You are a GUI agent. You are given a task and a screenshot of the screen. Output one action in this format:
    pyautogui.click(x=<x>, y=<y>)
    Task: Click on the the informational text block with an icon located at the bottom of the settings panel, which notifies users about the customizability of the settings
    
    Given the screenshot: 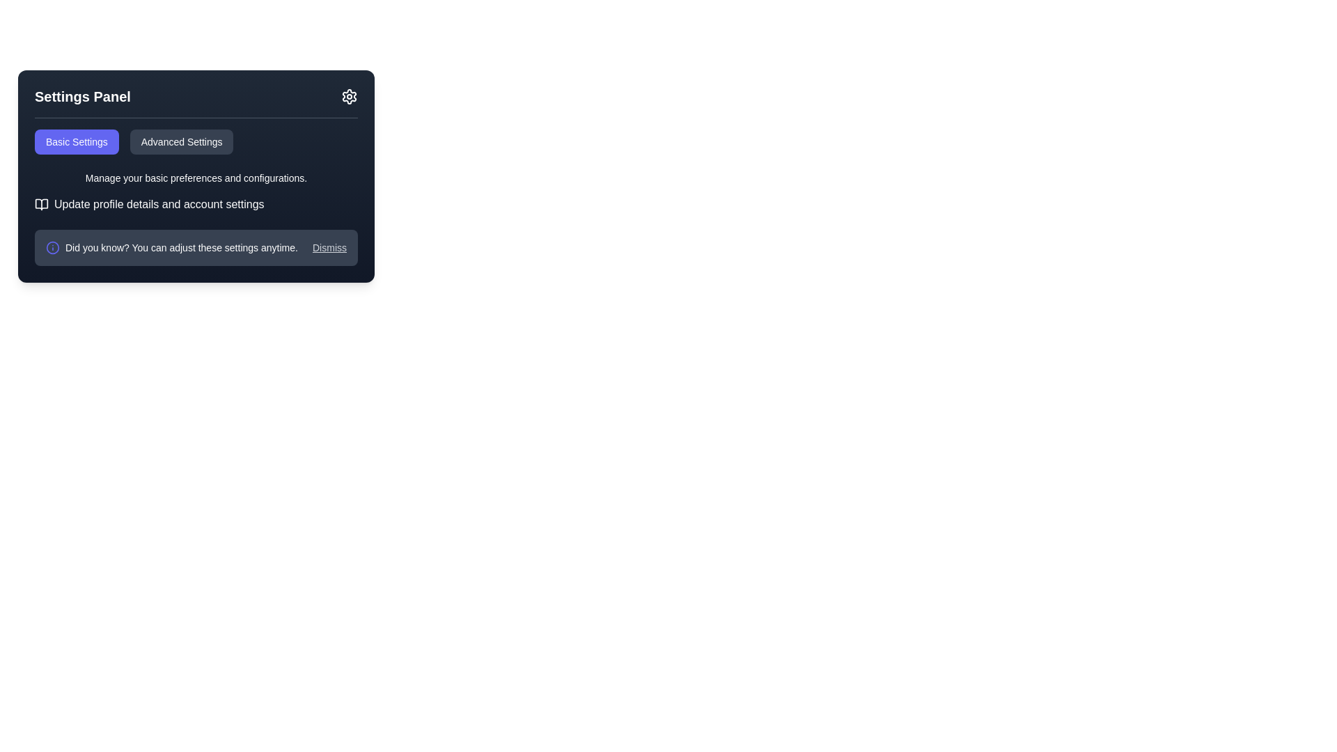 What is the action you would take?
    pyautogui.click(x=171, y=246)
    